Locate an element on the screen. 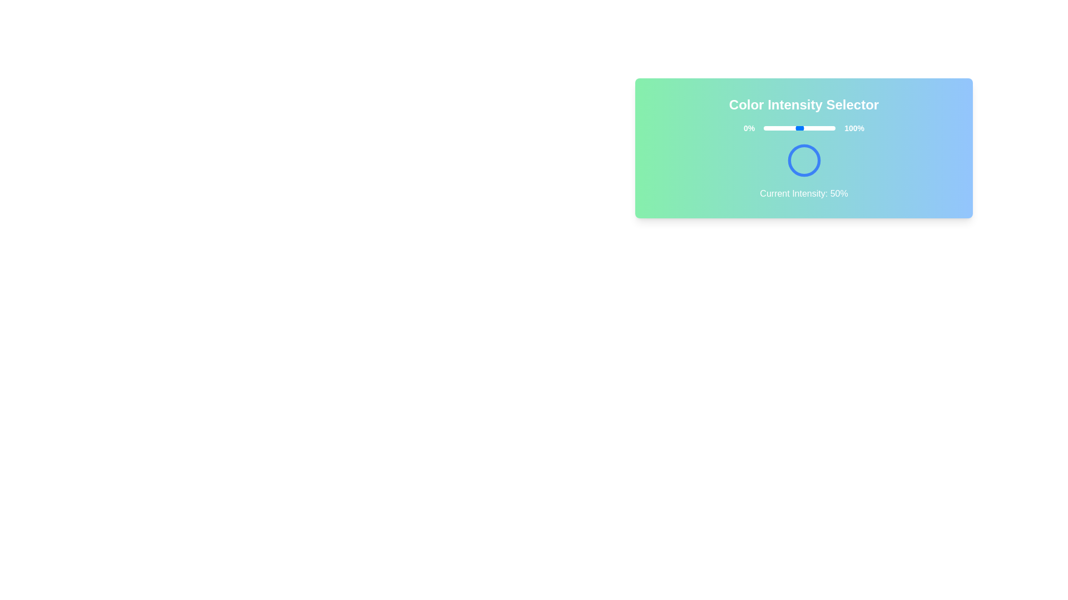 This screenshot has height=600, width=1068. the slider to set the color intensity to 7% is located at coordinates (768, 128).